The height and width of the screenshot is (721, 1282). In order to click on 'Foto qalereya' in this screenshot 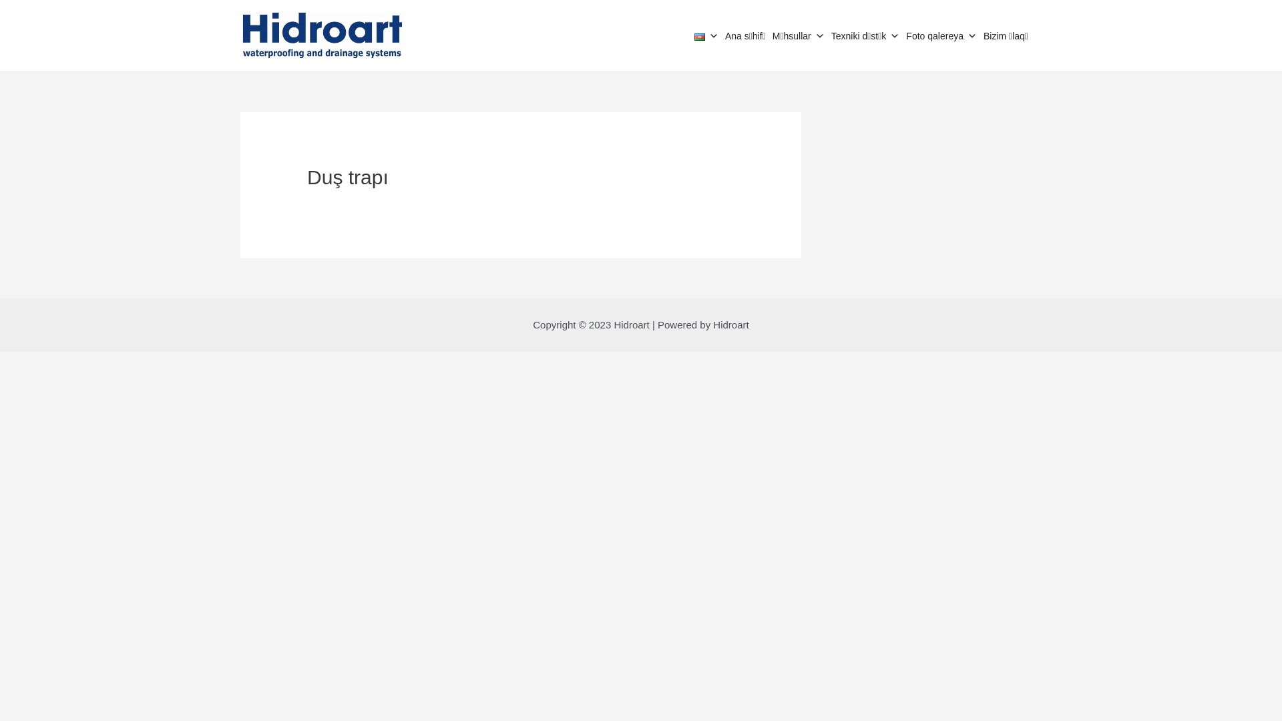, I will do `click(906, 35)`.